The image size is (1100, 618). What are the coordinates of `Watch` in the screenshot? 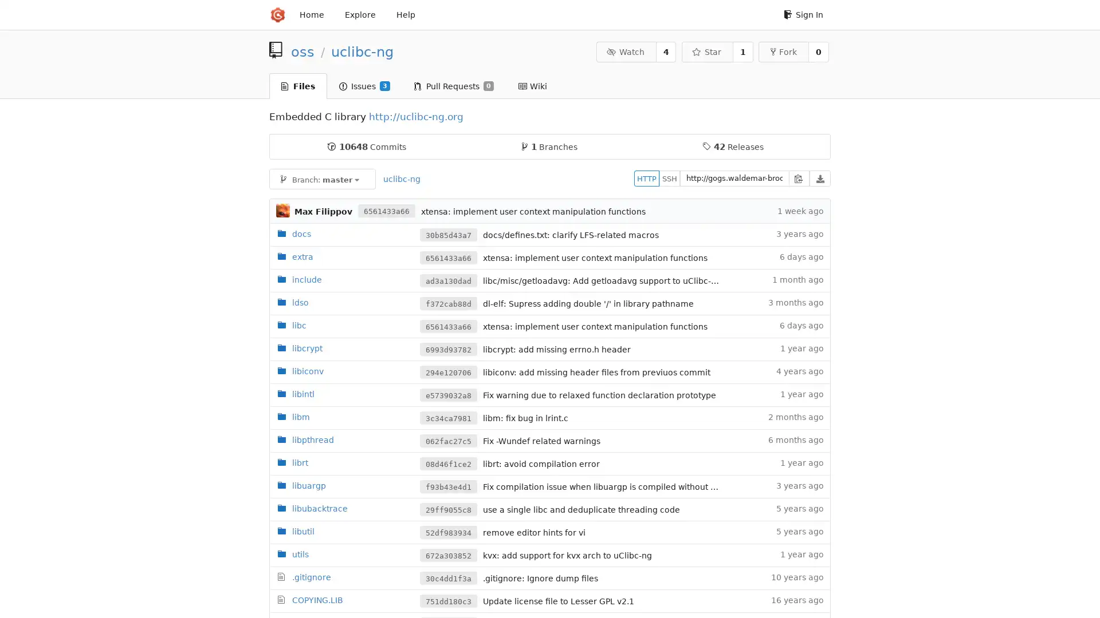 It's located at (626, 52).